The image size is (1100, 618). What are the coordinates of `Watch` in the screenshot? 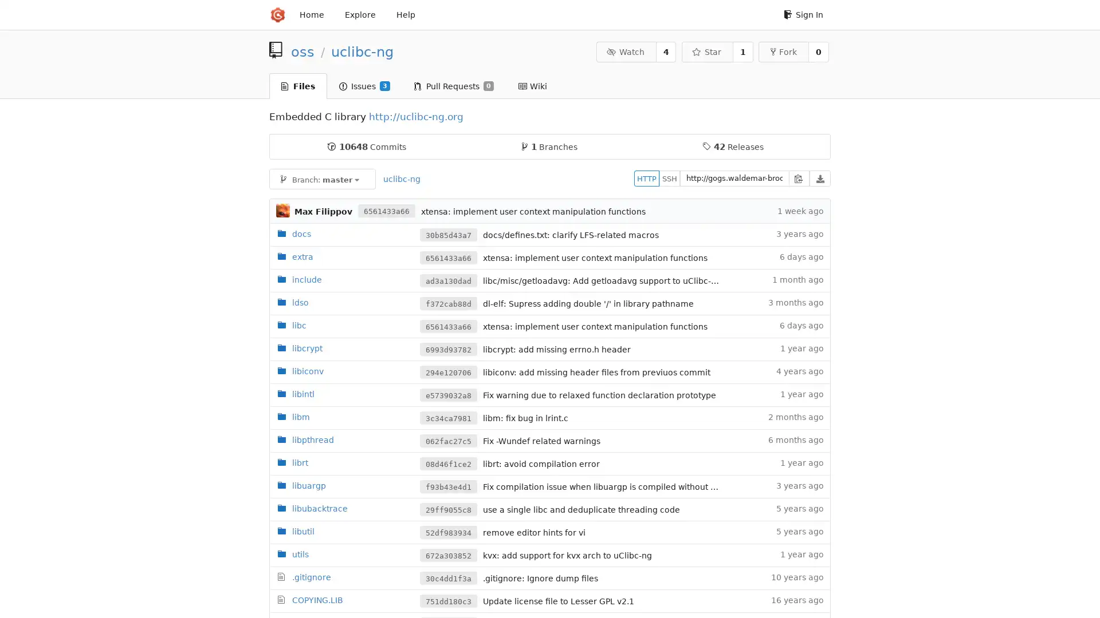 It's located at (626, 52).